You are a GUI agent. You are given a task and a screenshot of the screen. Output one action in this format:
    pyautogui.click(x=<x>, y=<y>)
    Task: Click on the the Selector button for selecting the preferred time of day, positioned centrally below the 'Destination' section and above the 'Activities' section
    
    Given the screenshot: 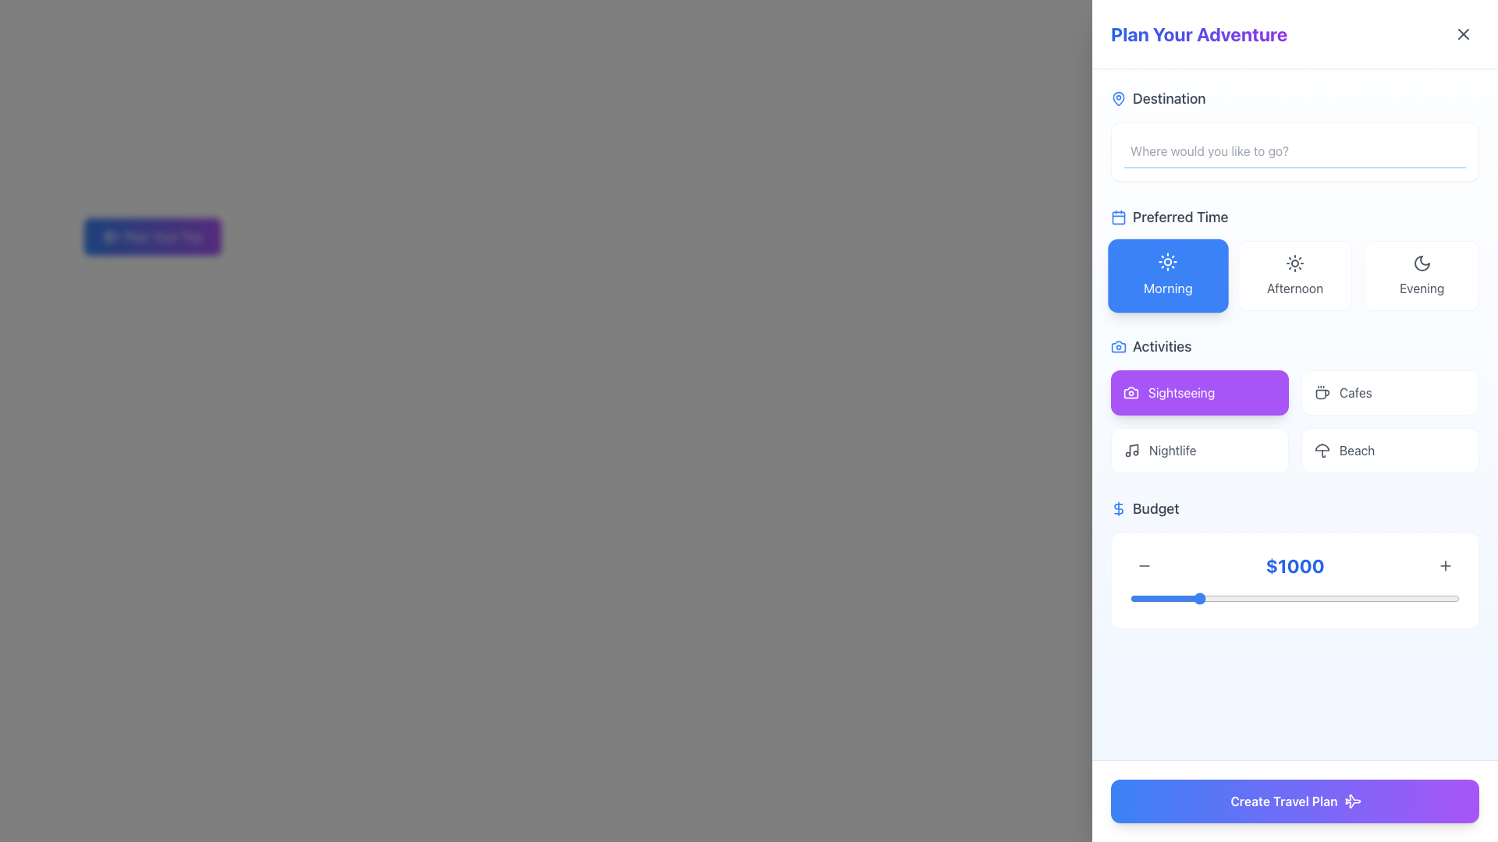 What is the action you would take?
    pyautogui.click(x=1295, y=257)
    